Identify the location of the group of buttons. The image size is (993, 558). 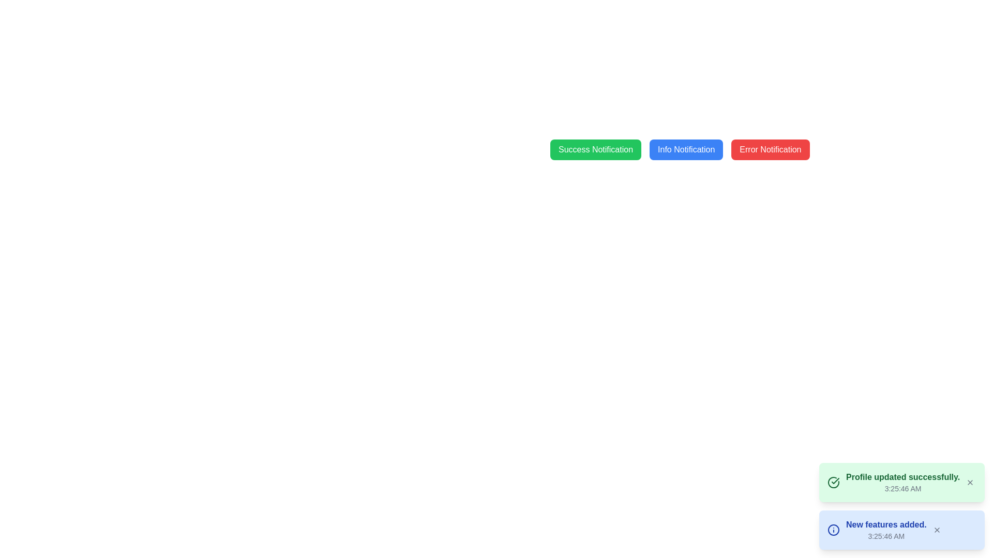
(744, 149).